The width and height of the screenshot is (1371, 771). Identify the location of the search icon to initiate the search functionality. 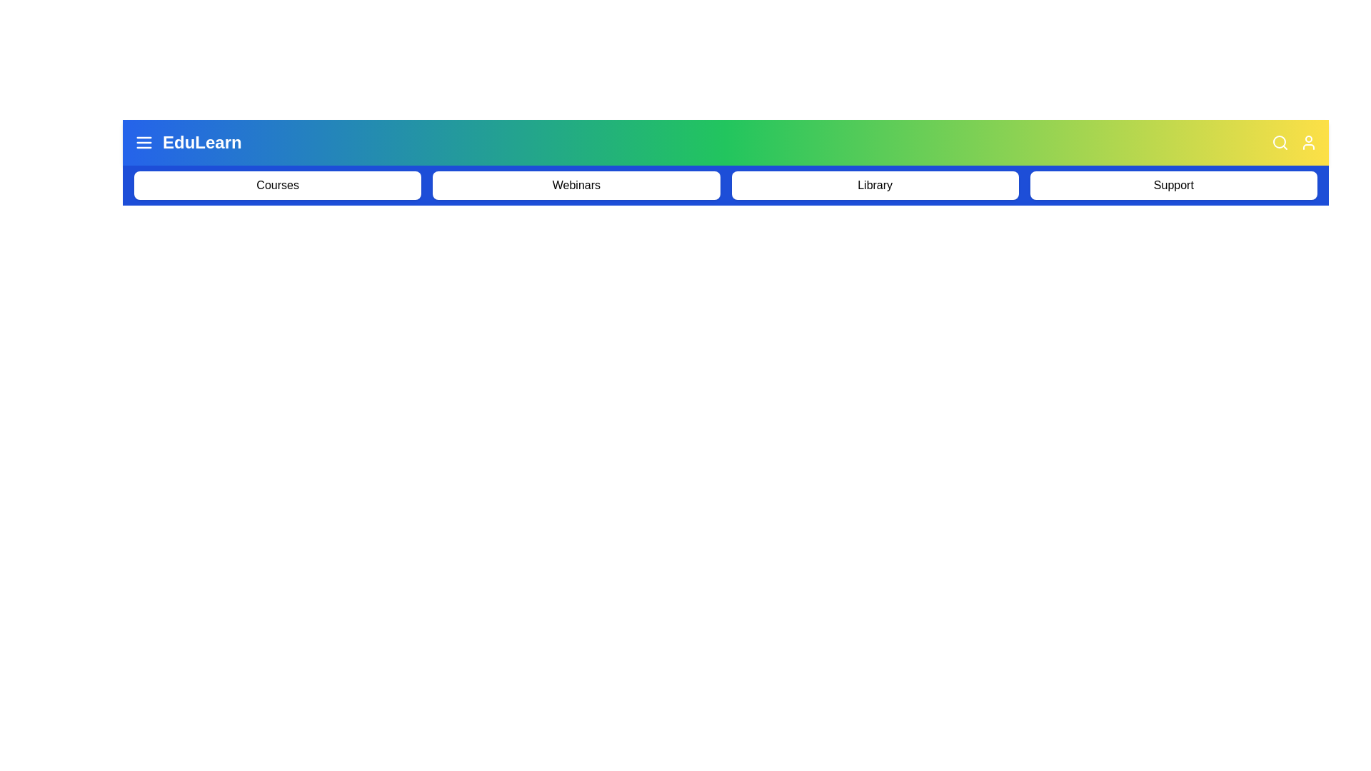
(1280, 143).